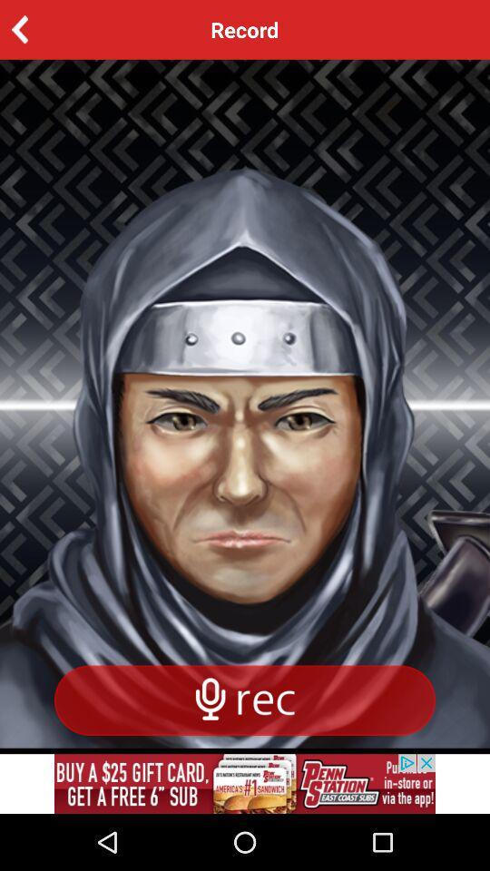 Image resolution: width=490 pixels, height=871 pixels. I want to click on register audio, so click(245, 700).